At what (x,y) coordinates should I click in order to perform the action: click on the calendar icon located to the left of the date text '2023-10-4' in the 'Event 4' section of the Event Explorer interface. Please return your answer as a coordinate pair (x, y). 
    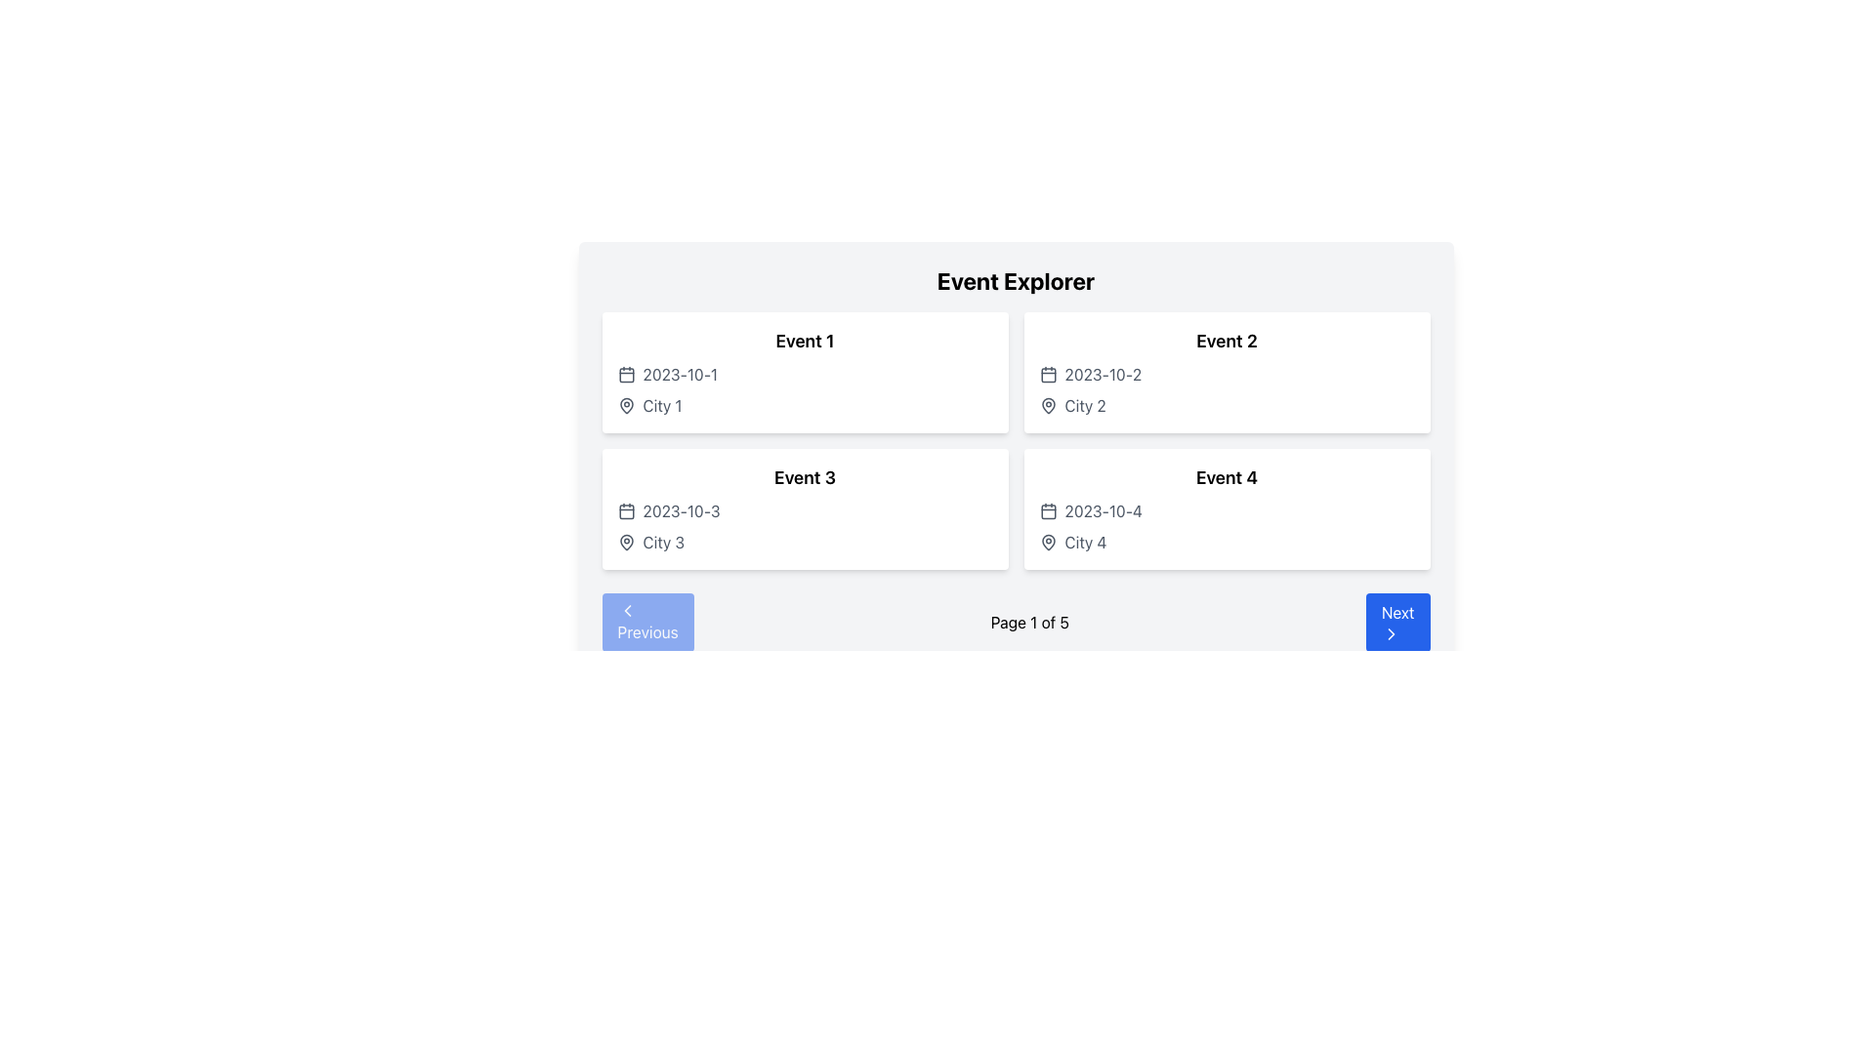
    Looking at the image, I should click on (1047, 510).